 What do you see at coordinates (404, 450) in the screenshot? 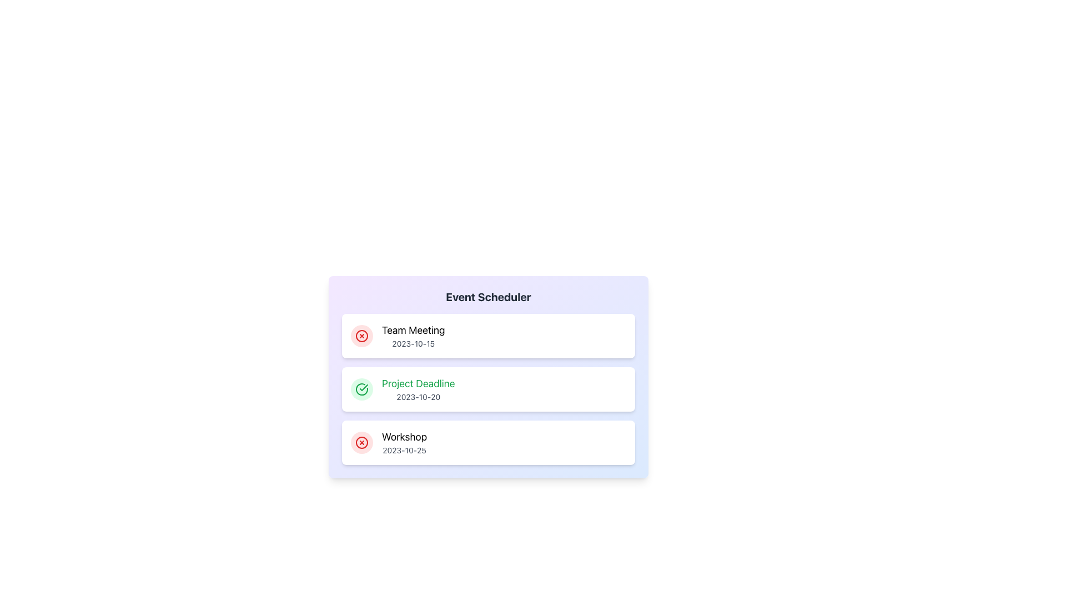
I see `date displayed in the 'Workshop' entry of the 'Event Scheduler', which is shown in a small gray font as '2023-10-25'` at bounding box center [404, 450].